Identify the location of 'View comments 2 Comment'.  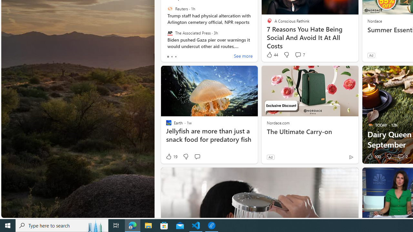
(400, 157).